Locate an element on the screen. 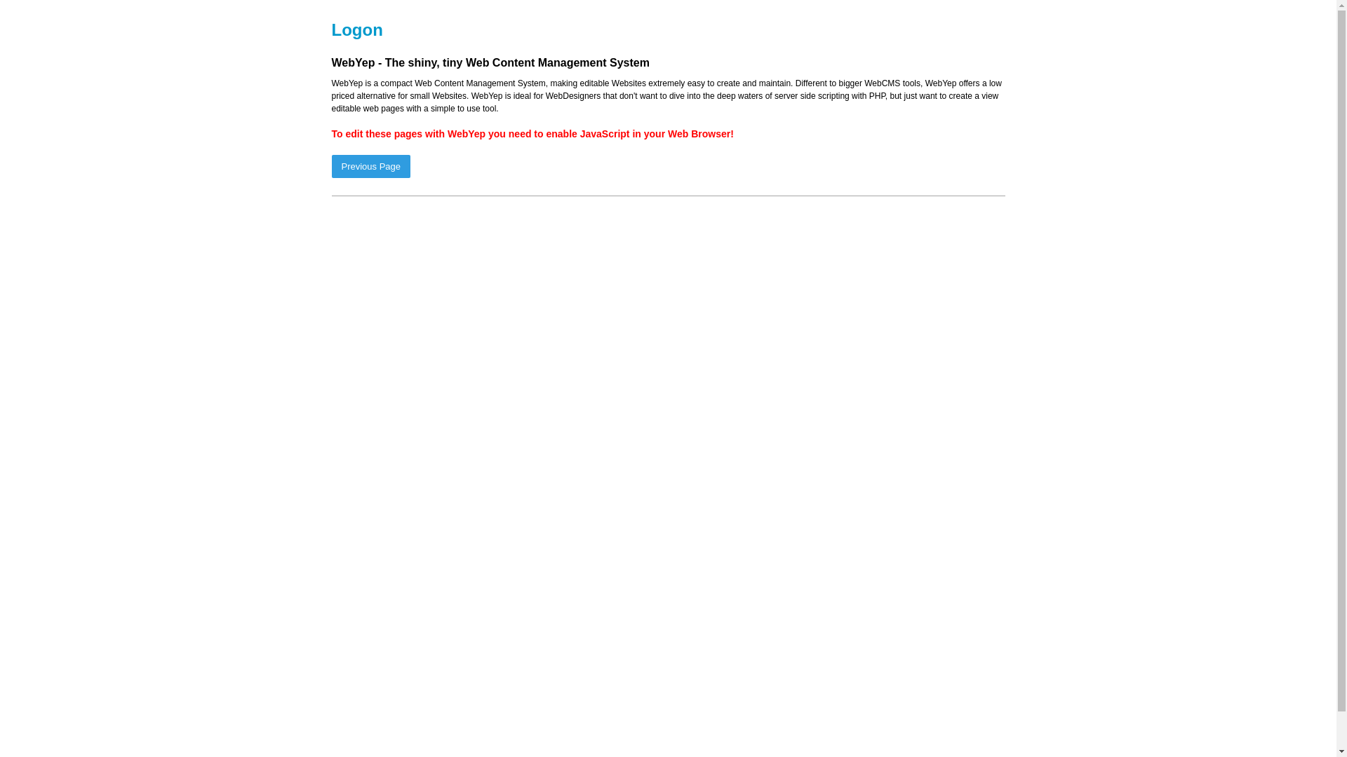  'Previous Page' is located at coordinates (330, 165).